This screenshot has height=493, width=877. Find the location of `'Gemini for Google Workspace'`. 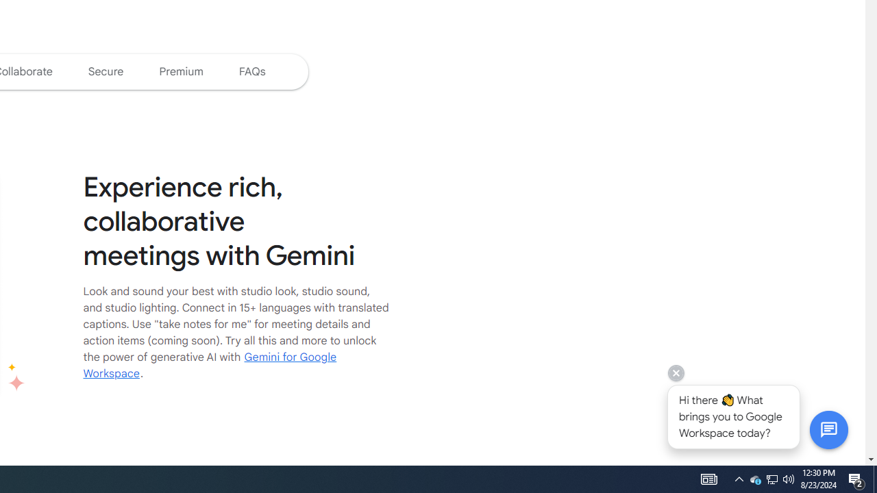

'Gemini for Google Workspace' is located at coordinates (209, 364).